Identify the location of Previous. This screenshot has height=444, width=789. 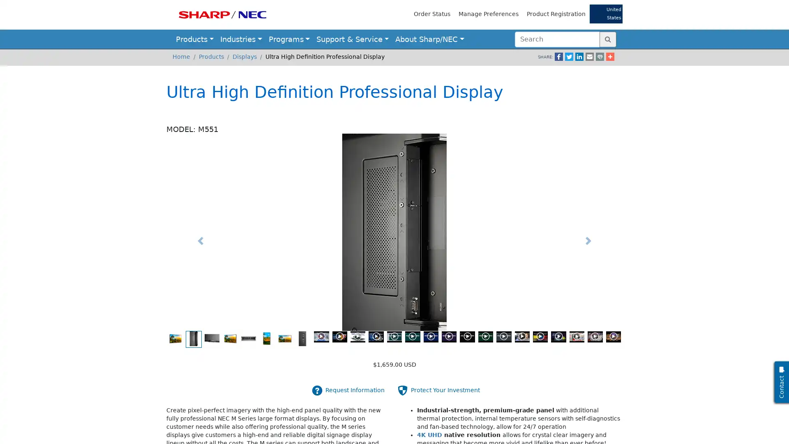
(201, 240).